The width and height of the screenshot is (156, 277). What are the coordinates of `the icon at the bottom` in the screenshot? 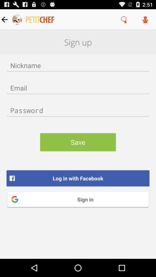 It's located at (78, 199).